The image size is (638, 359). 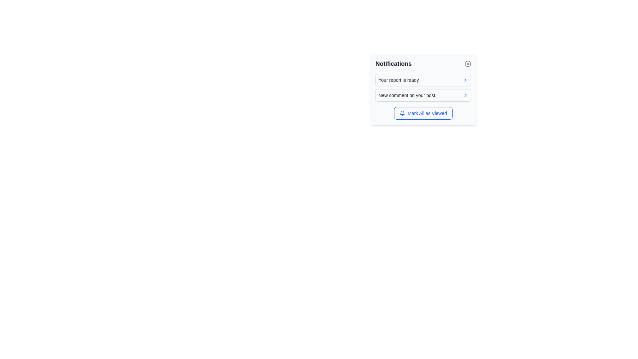 I want to click on text content of the notifications section title located at the top-left corner of the notifications dropdown panel, so click(x=393, y=64).